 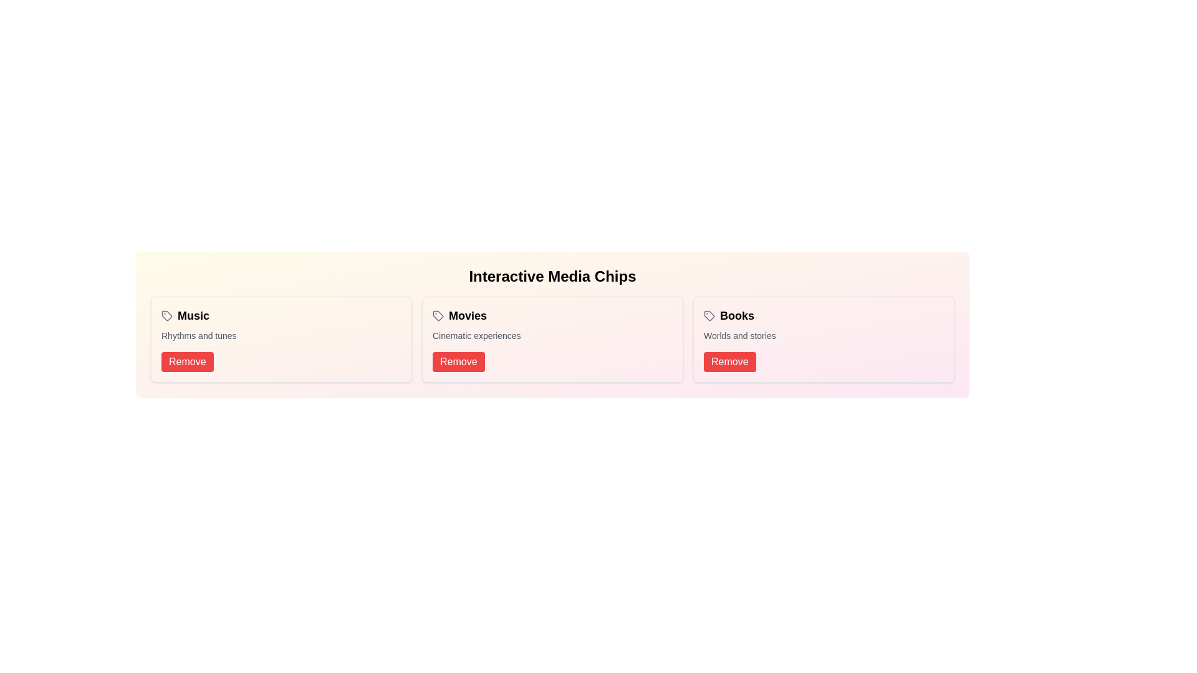 I want to click on remove button for the chip labeled Movies, so click(x=458, y=362).